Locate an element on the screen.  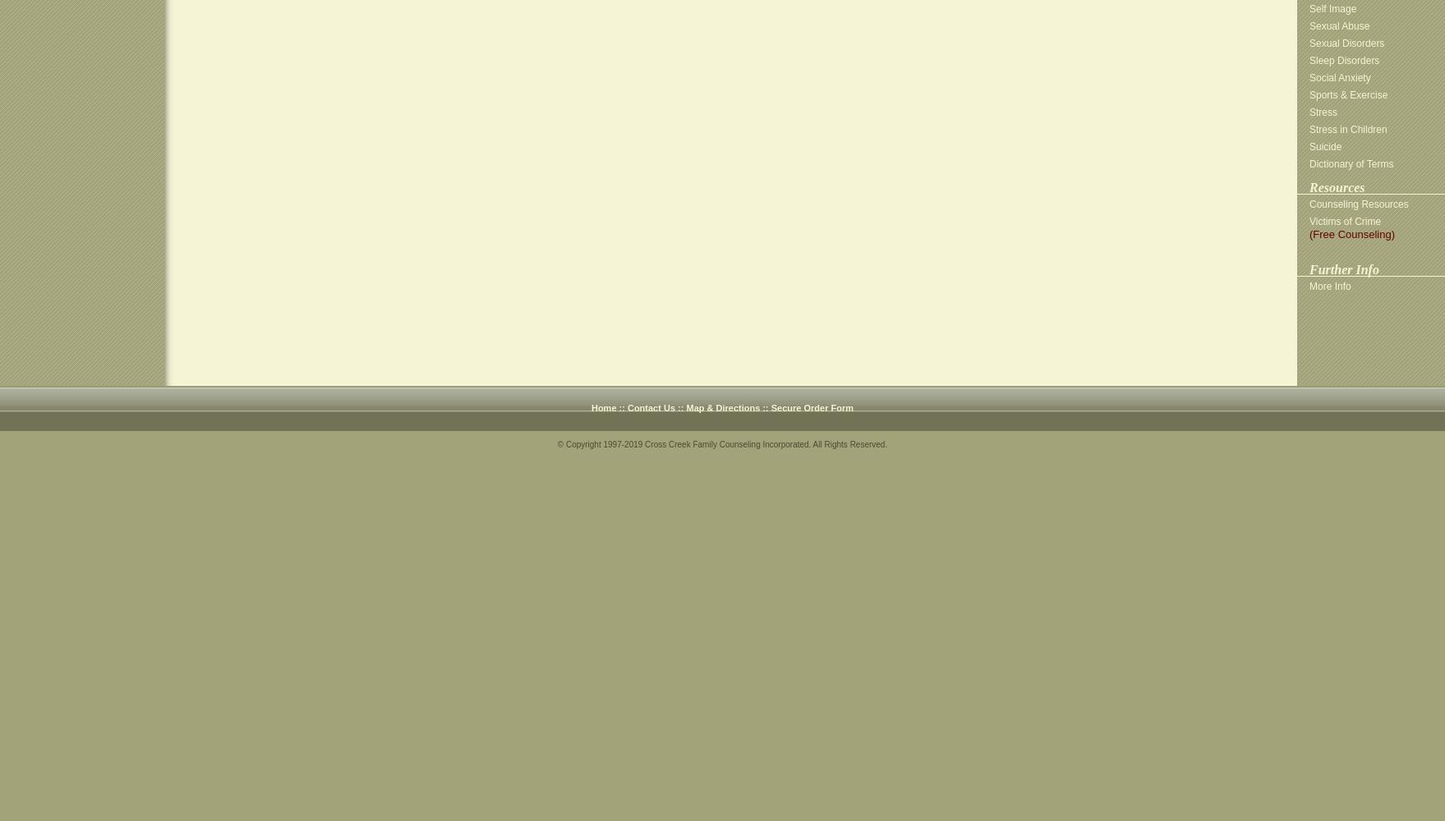
'Stress' is located at coordinates (1323, 112).